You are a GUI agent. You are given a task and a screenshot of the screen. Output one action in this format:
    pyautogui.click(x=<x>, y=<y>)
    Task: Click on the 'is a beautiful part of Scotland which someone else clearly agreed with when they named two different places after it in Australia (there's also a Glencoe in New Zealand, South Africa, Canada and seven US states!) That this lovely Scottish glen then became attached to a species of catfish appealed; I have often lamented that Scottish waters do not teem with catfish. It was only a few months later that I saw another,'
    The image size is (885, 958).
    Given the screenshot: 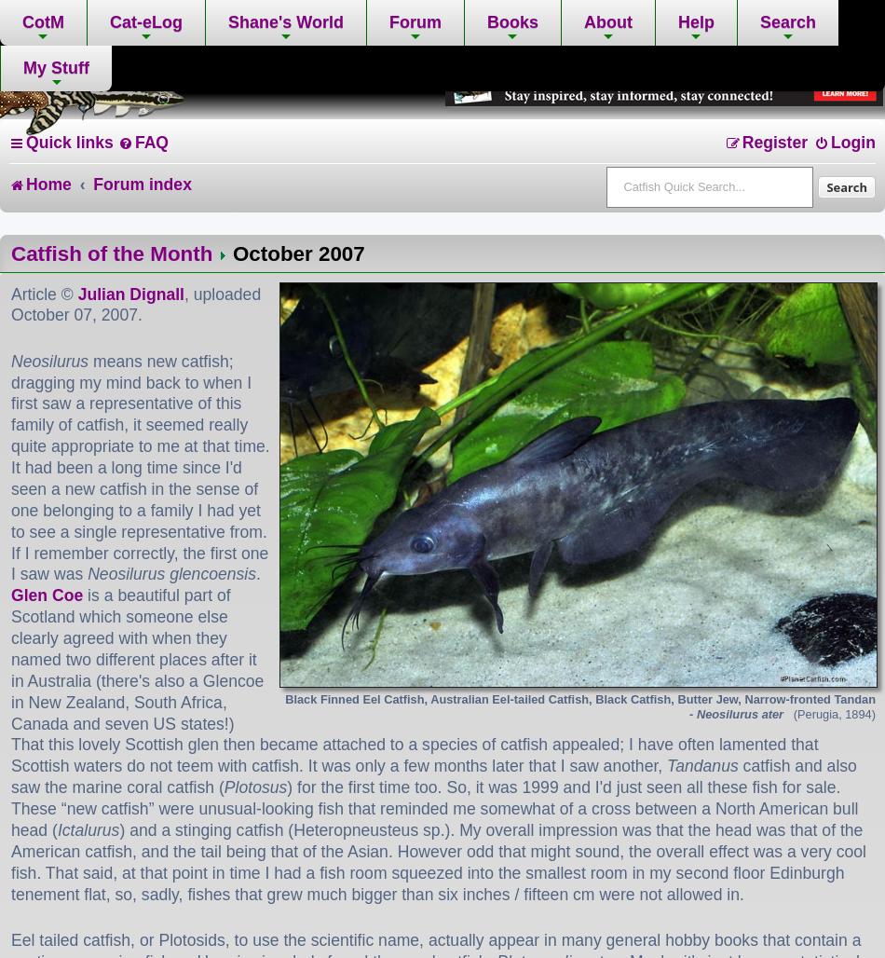 What is the action you would take?
    pyautogui.click(x=413, y=679)
    